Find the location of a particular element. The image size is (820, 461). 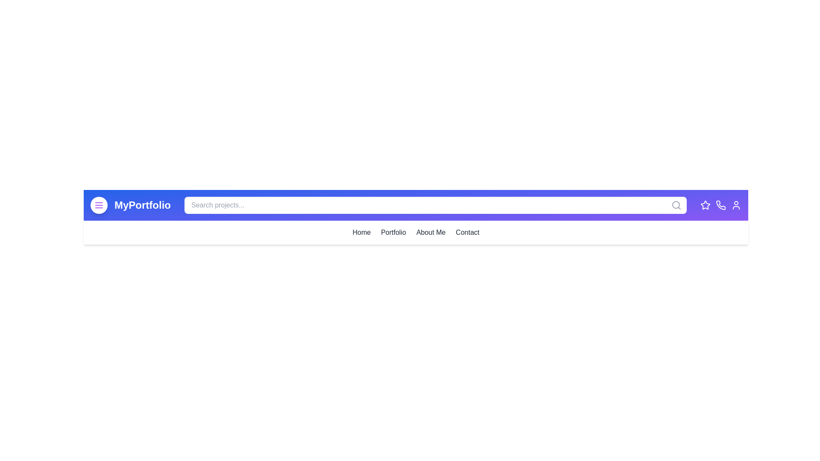

the phone icon in the app bar is located at coordinates (720, 205).